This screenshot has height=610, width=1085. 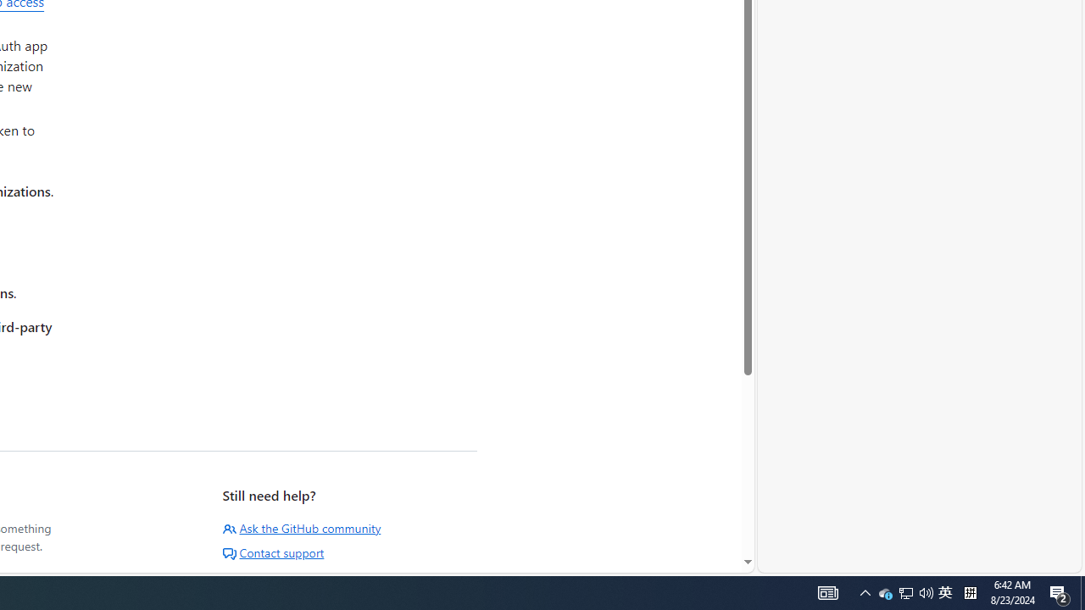 I want to click on 'Contact support', so click(x=273, y=552).